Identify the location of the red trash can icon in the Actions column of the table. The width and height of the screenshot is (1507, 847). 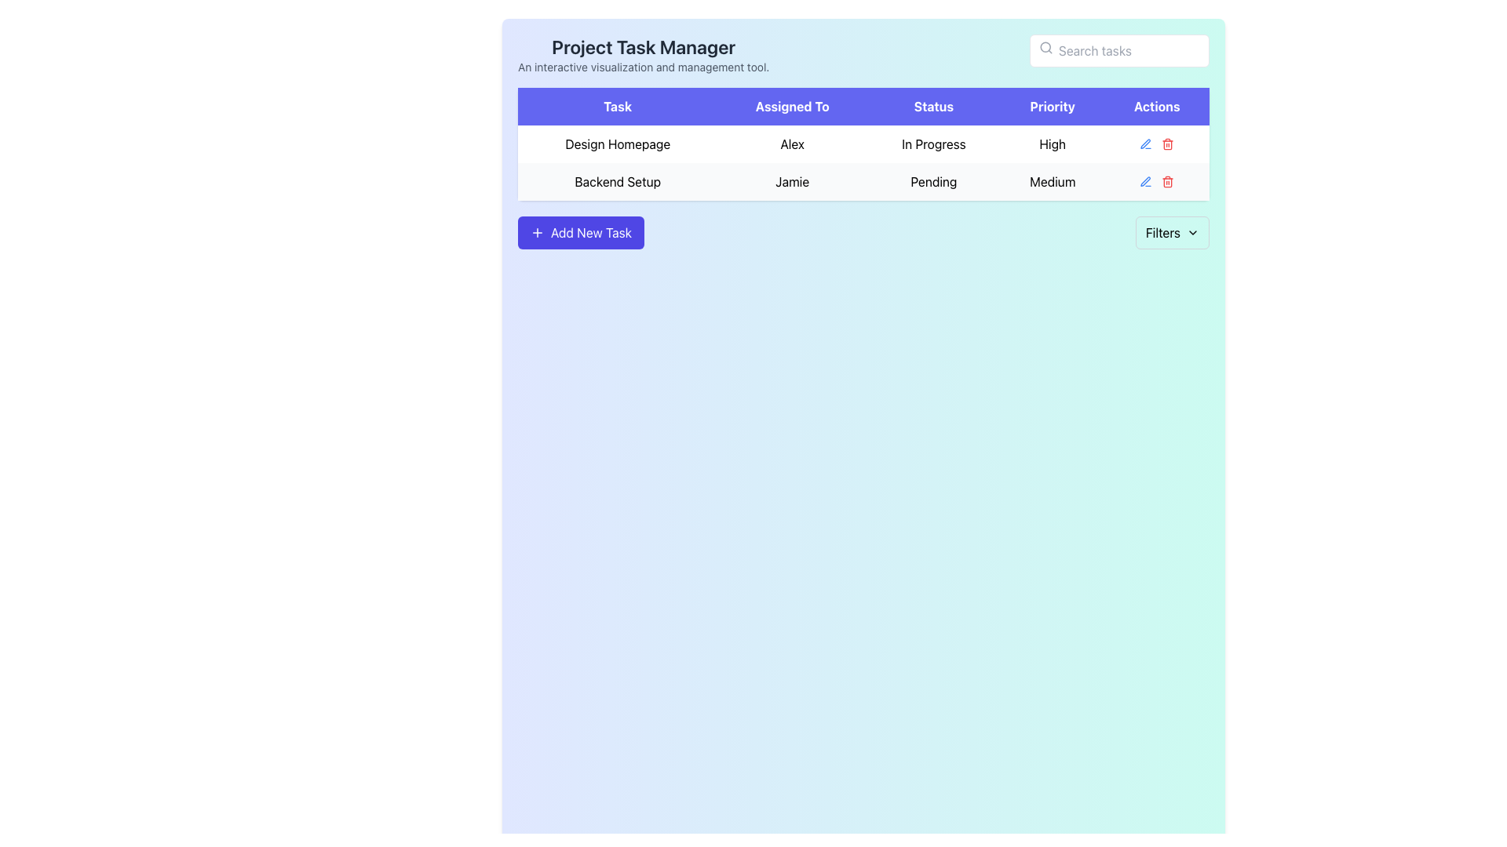
(1156, 144).